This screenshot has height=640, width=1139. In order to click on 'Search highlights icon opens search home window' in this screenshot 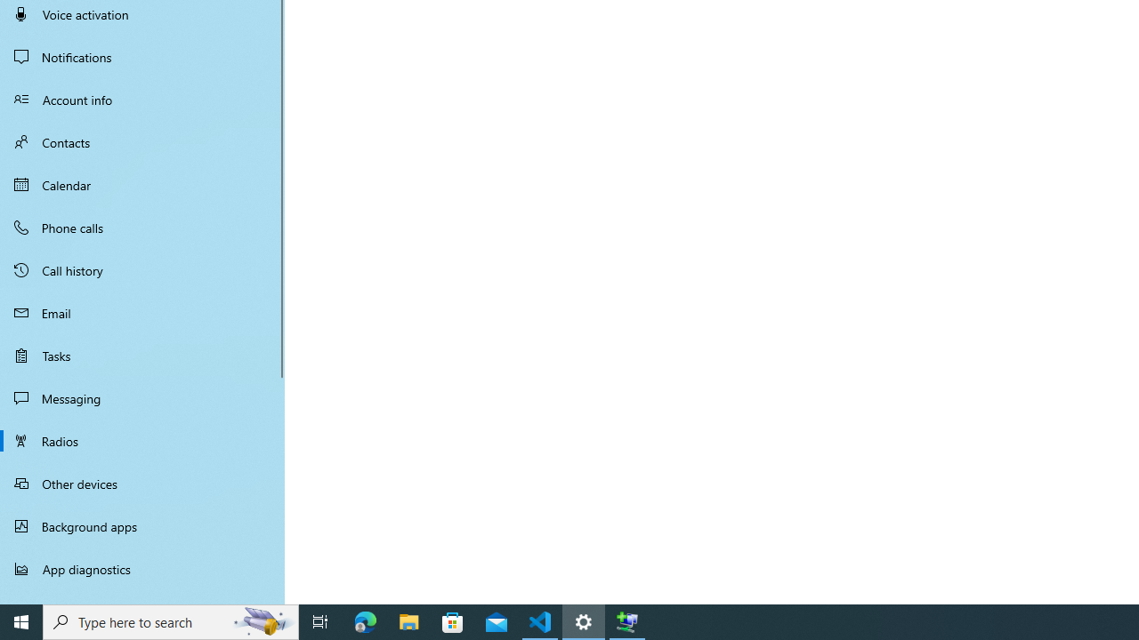, I will do `click(262, 620)`.